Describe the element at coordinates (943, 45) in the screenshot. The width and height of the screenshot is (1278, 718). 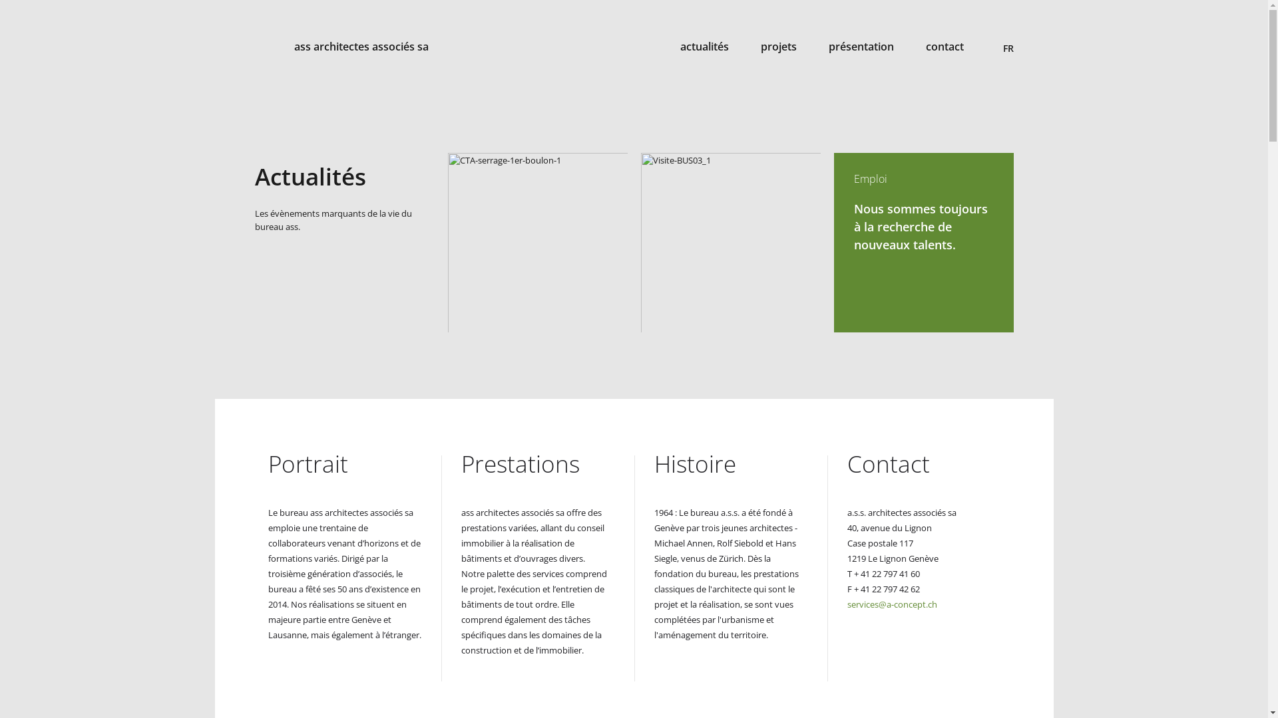
I see `'contact'` at that location.